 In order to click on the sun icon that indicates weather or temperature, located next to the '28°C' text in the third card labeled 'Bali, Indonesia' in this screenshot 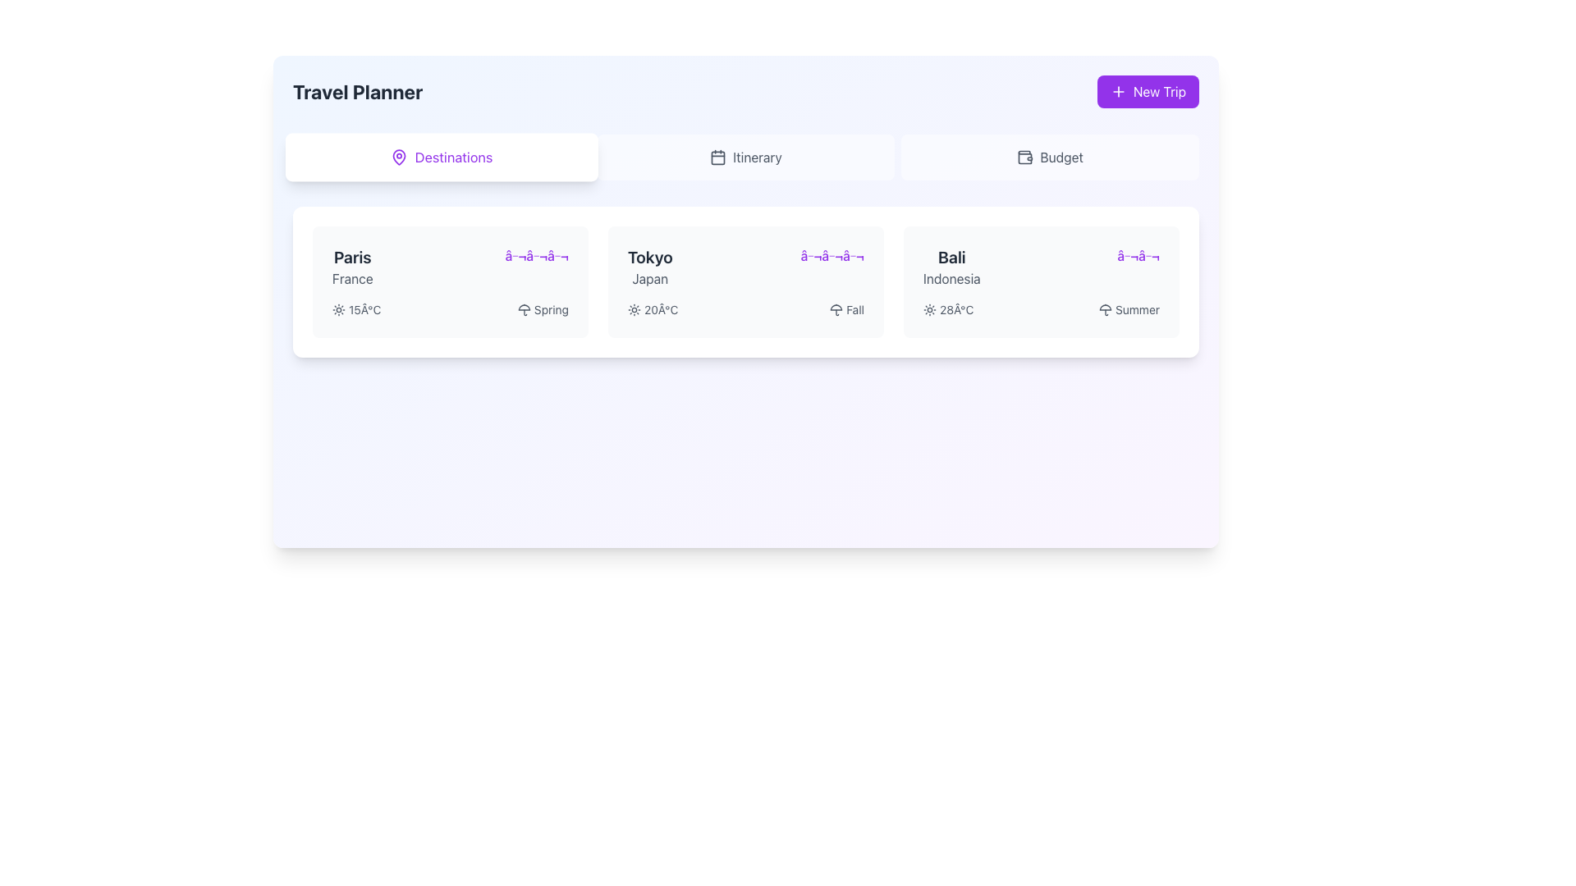, I will do `click(929, 310)`.